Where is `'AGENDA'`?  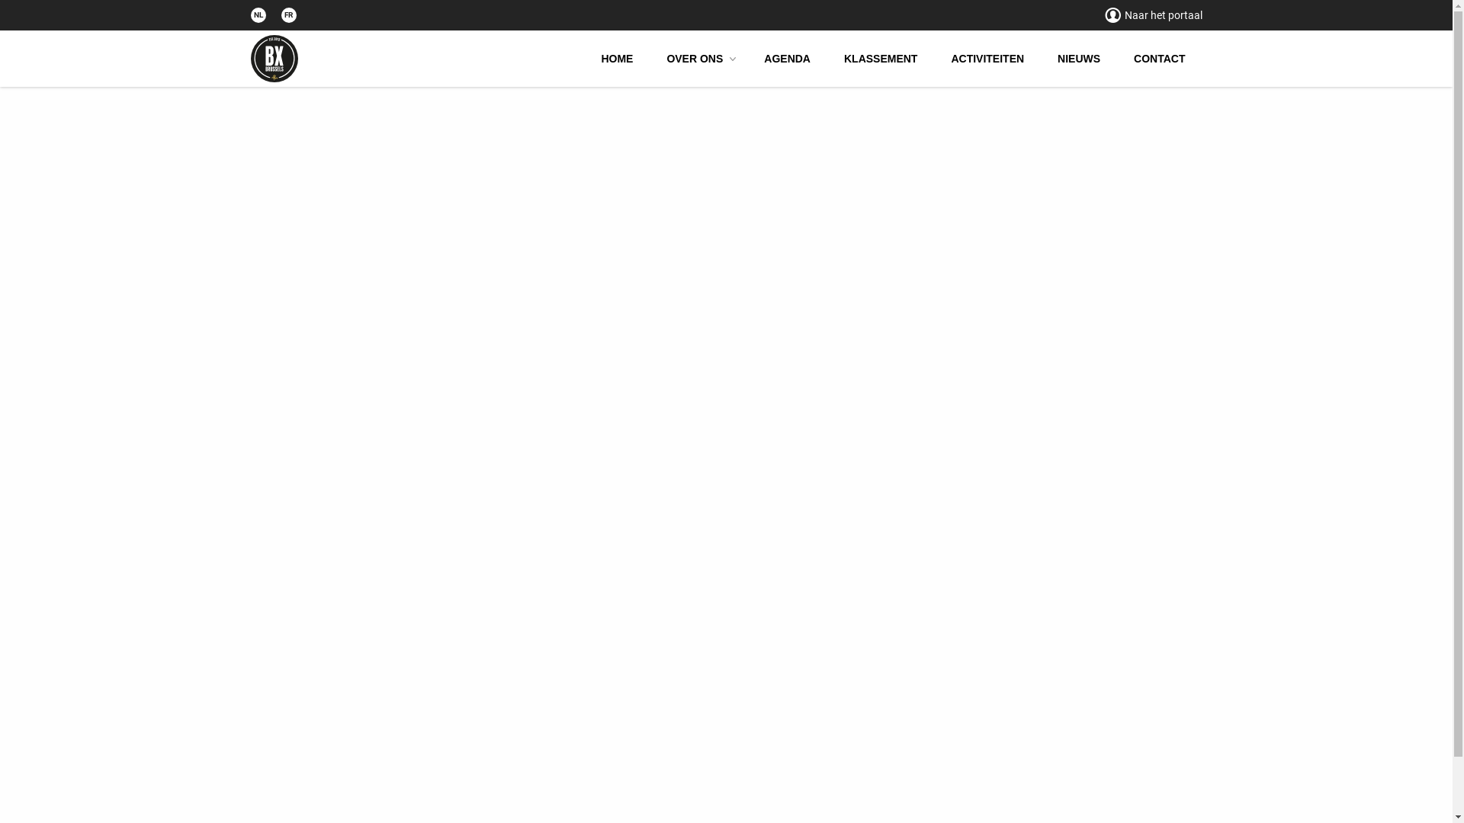 'AGENDA' is located at coordinates (787, 58).